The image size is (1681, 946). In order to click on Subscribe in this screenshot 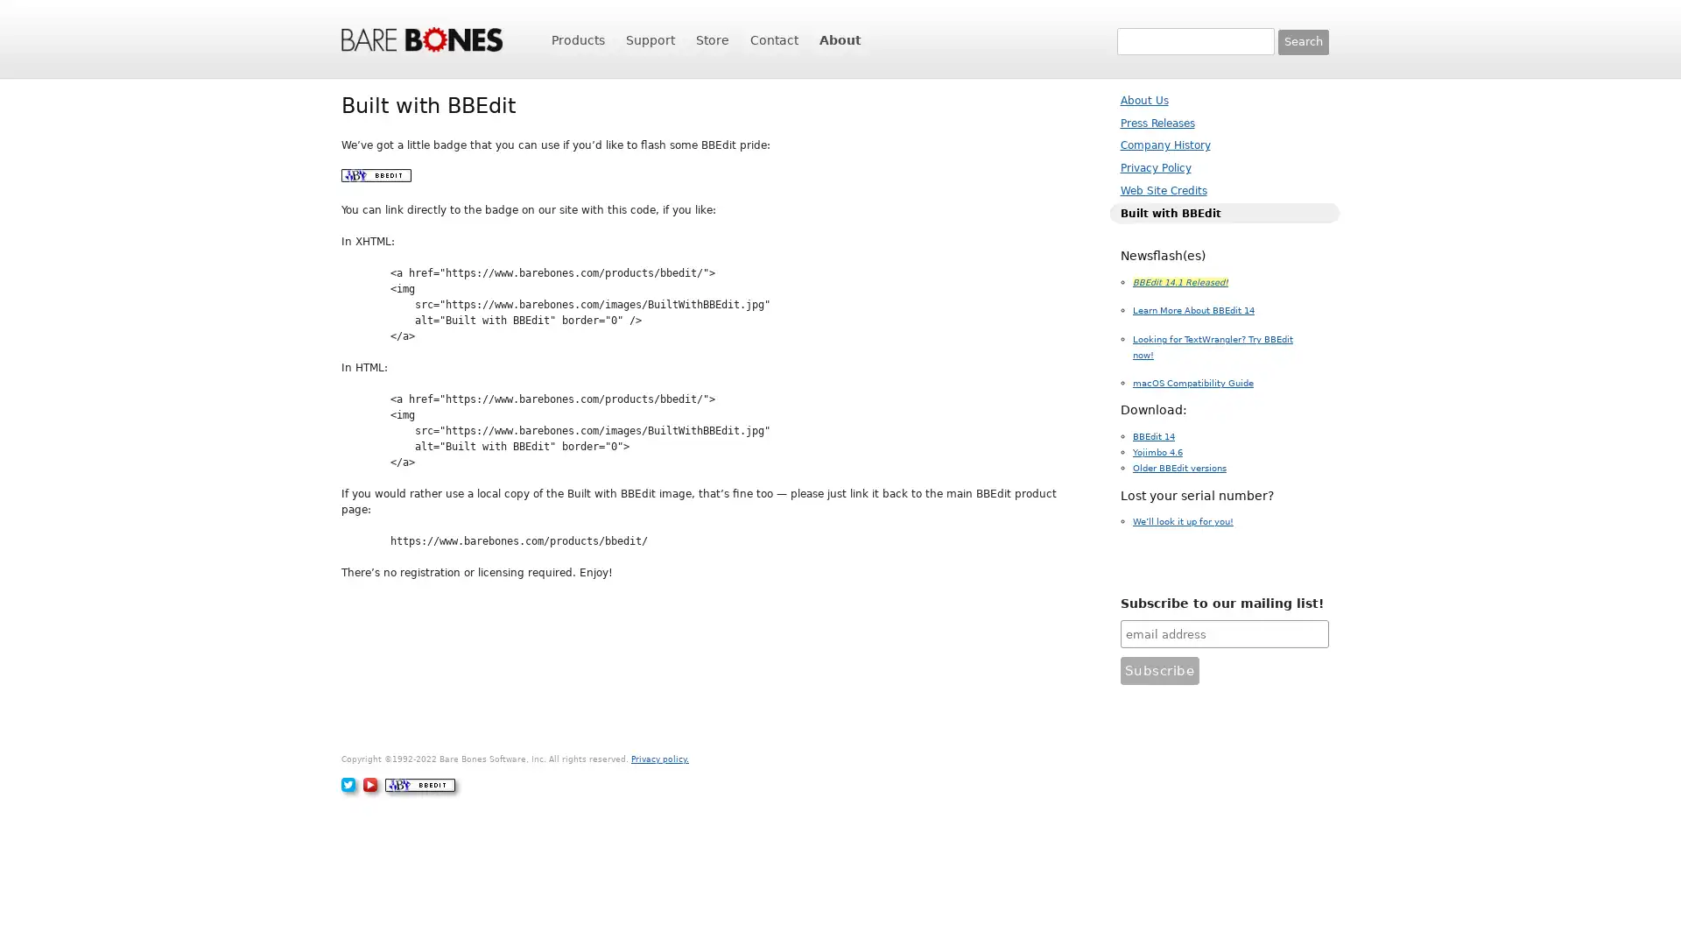, I will do `click(1159, 670)`.